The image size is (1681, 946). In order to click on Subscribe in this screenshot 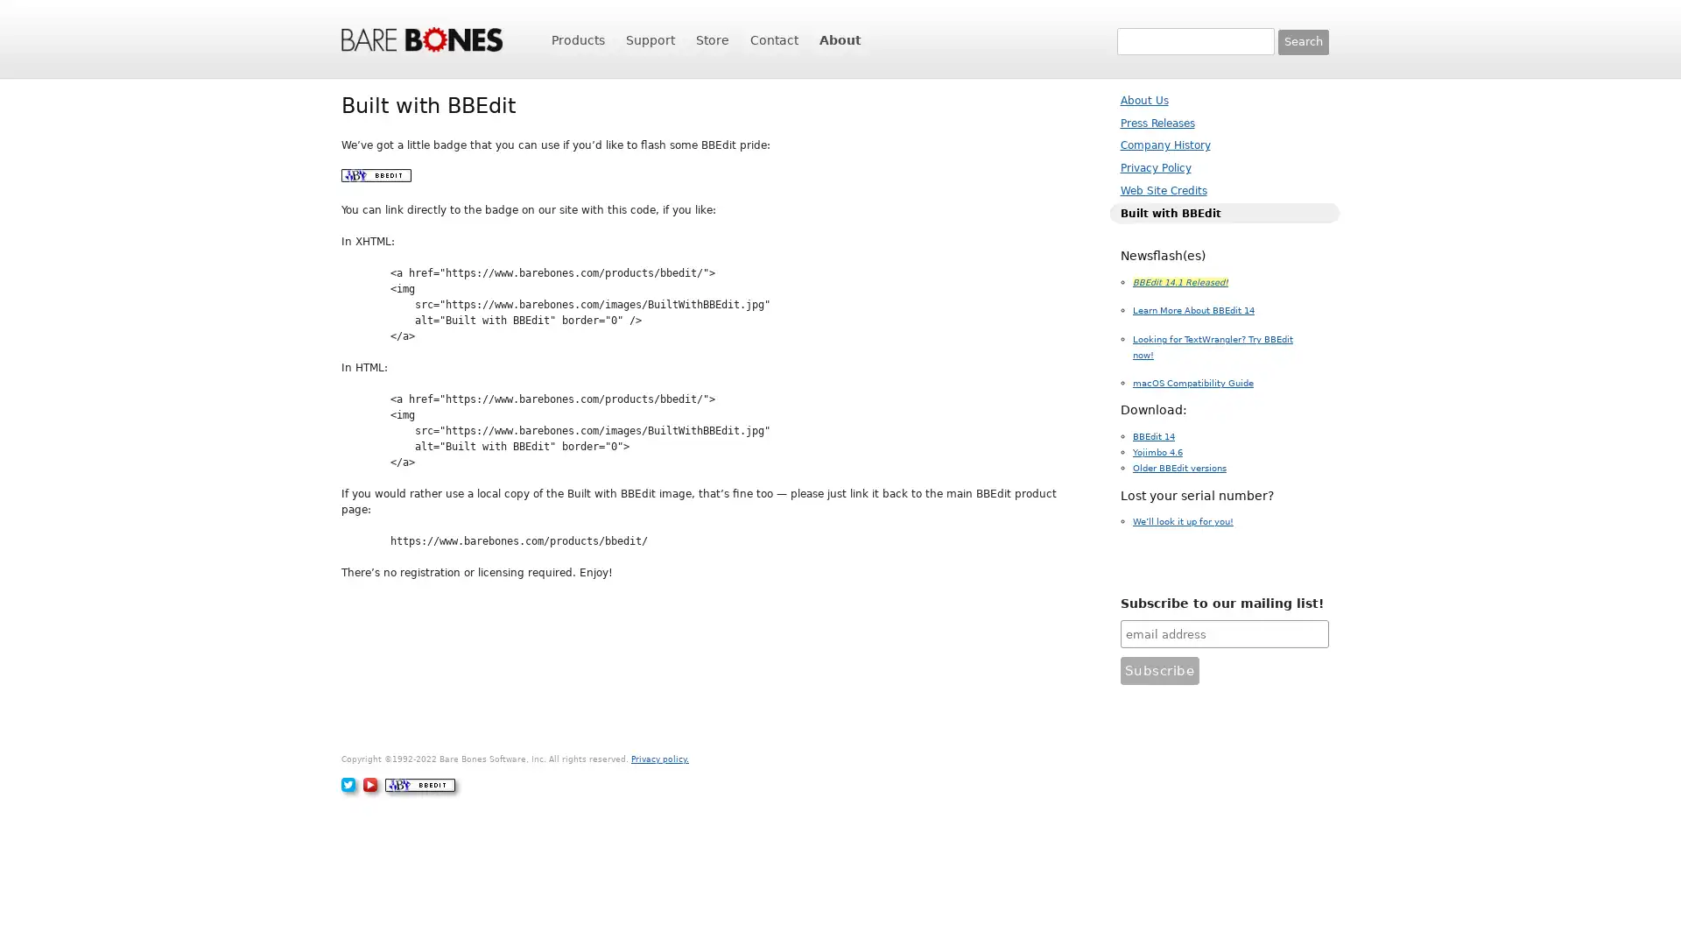, I will do `click(1159, 670)`.